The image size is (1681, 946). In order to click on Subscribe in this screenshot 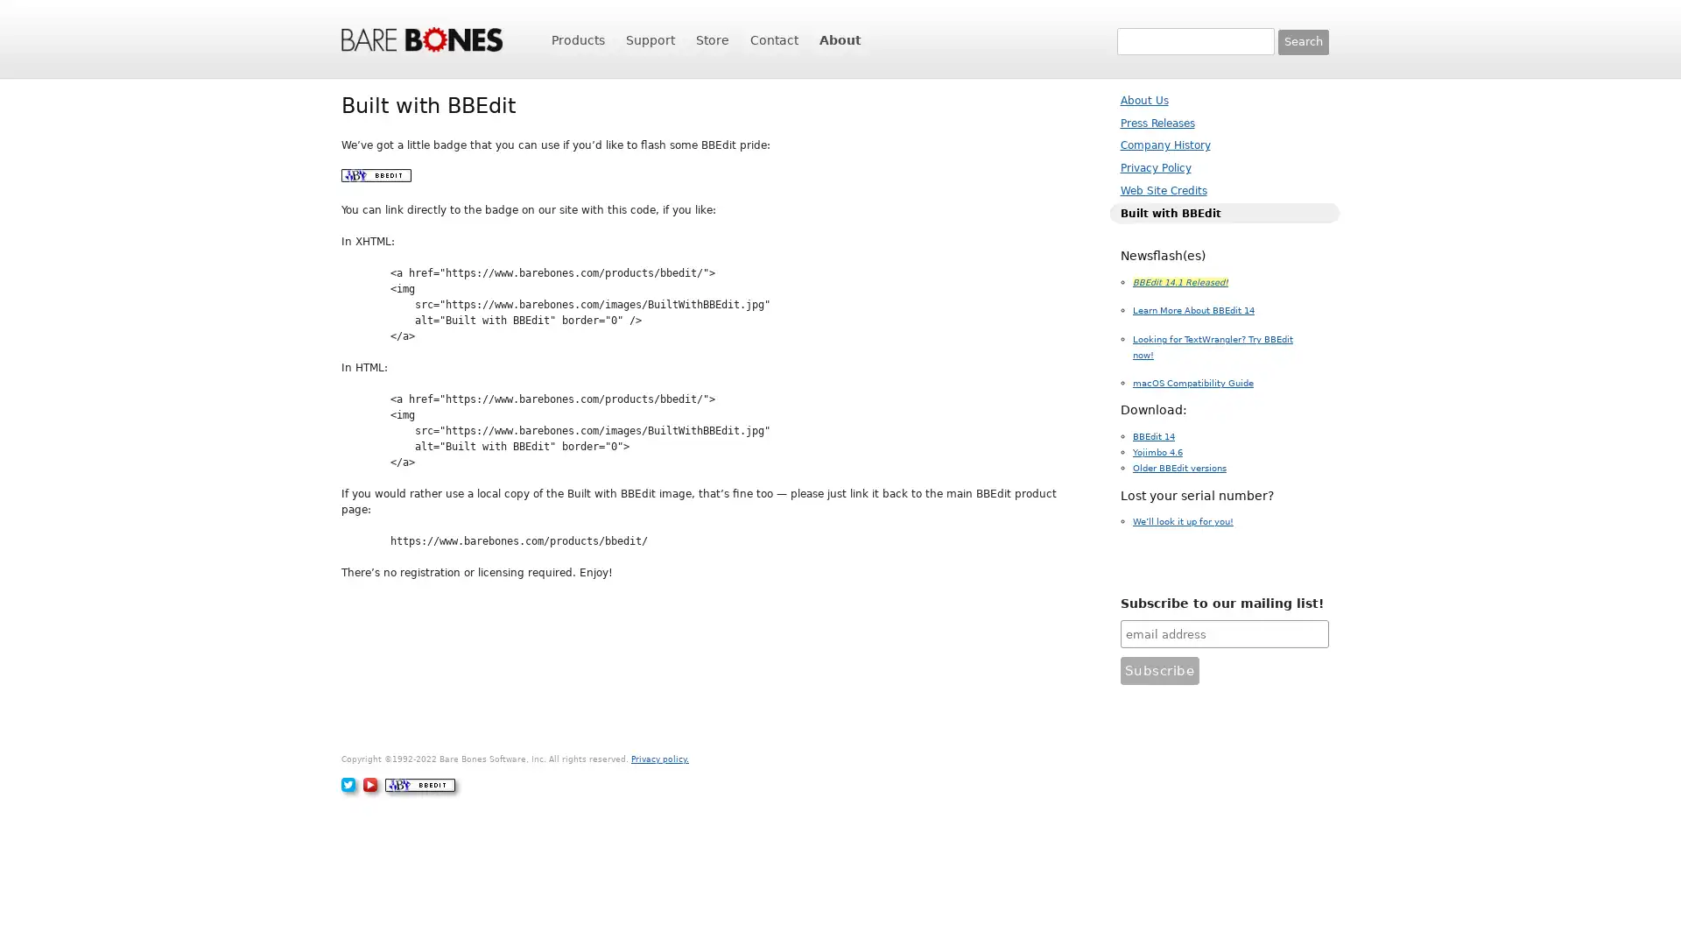, I will do `click(1159, 670)`.